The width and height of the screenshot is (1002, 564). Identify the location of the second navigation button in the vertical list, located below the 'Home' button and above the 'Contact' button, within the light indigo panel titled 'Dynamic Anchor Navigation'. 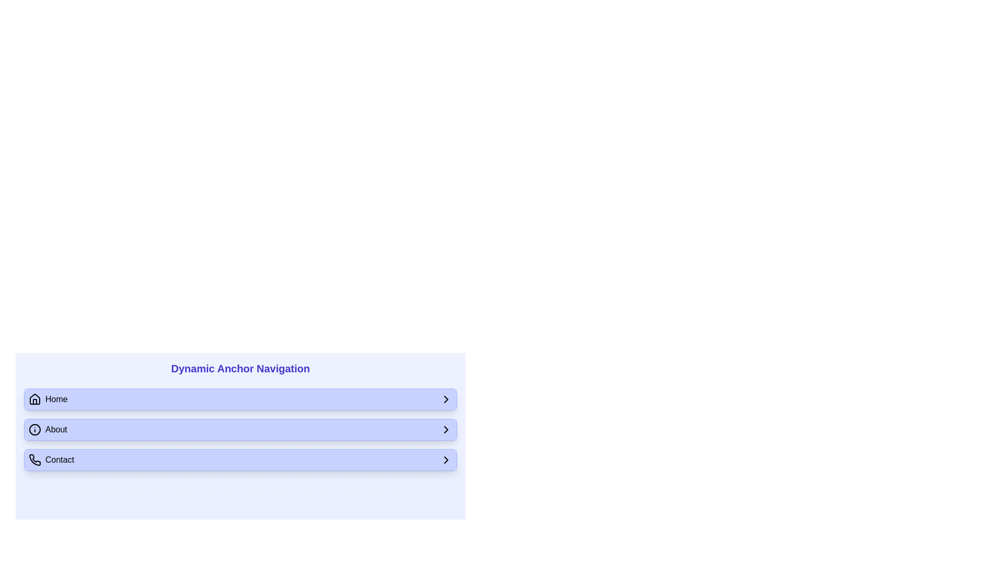
(240, 429).